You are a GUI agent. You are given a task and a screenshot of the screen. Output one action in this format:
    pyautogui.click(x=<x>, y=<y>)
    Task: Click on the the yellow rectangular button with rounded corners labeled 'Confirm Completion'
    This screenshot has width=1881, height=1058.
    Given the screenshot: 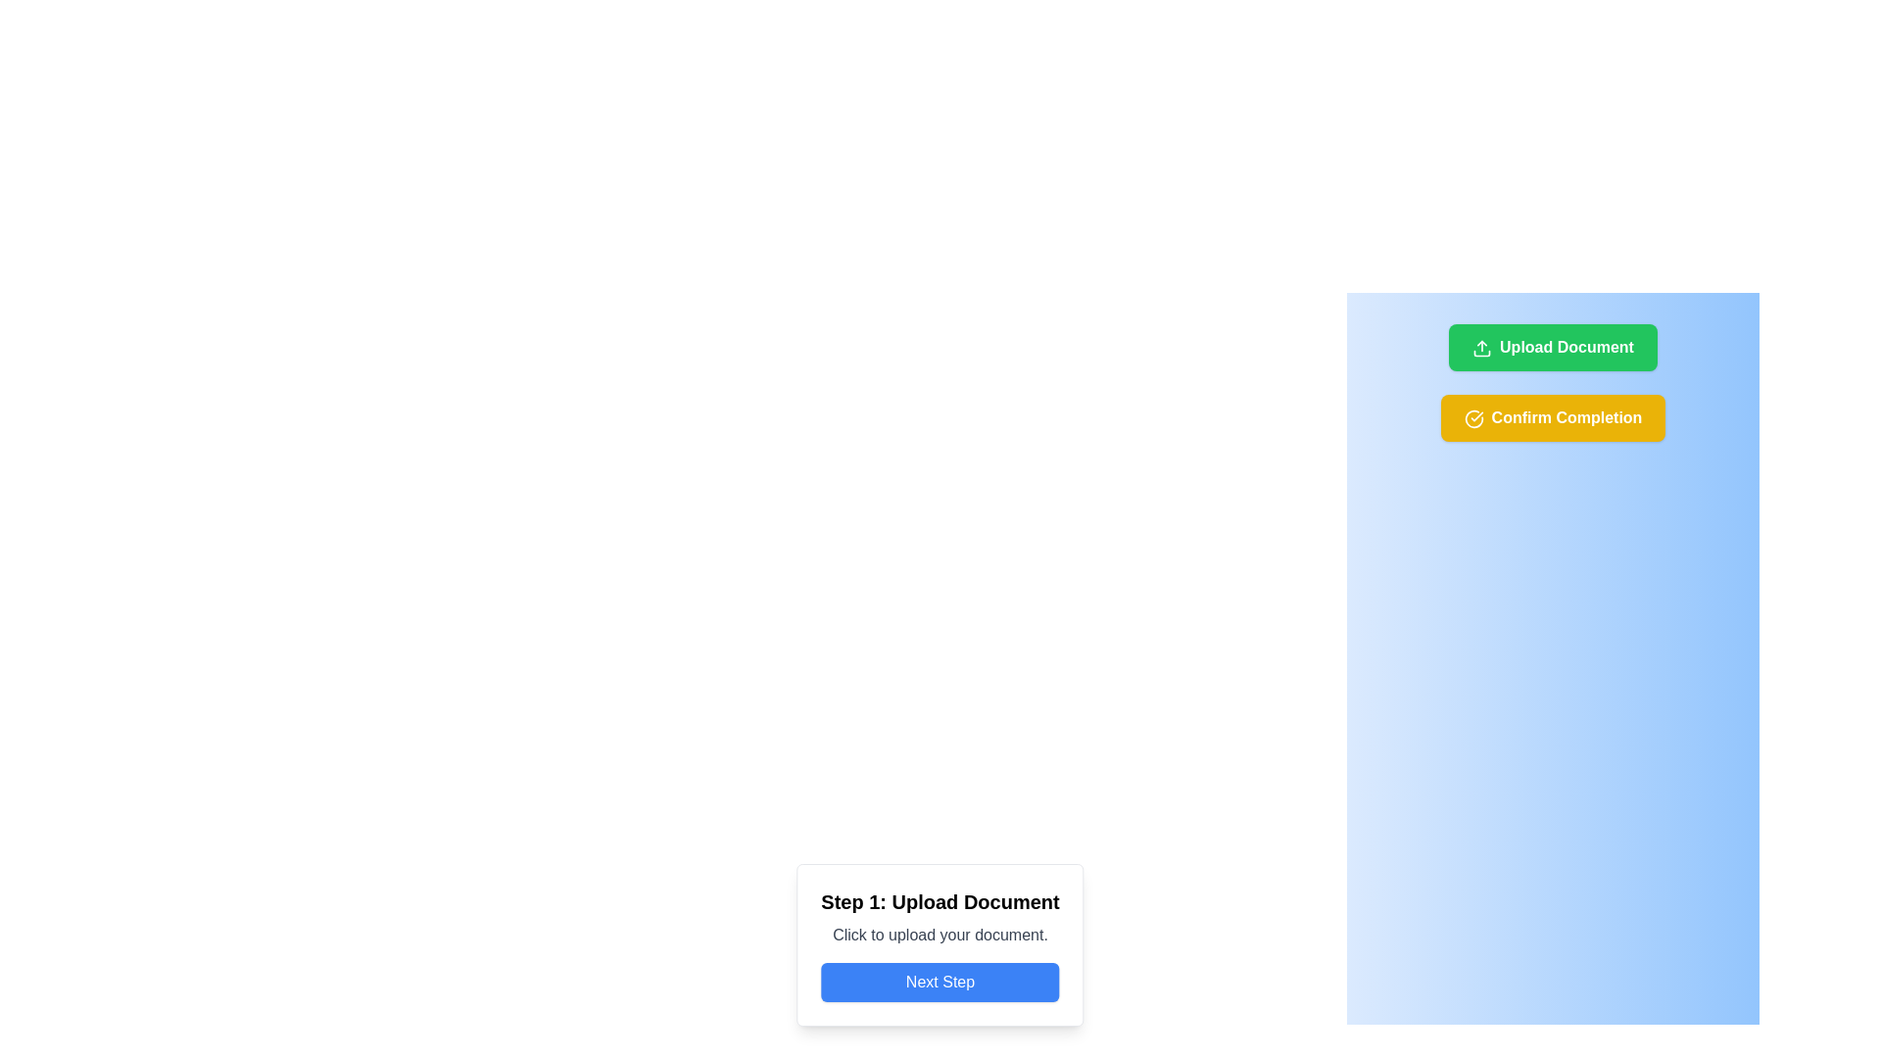 What is the action you would take?
    pyautogui.click(x=1552, y=417)
    